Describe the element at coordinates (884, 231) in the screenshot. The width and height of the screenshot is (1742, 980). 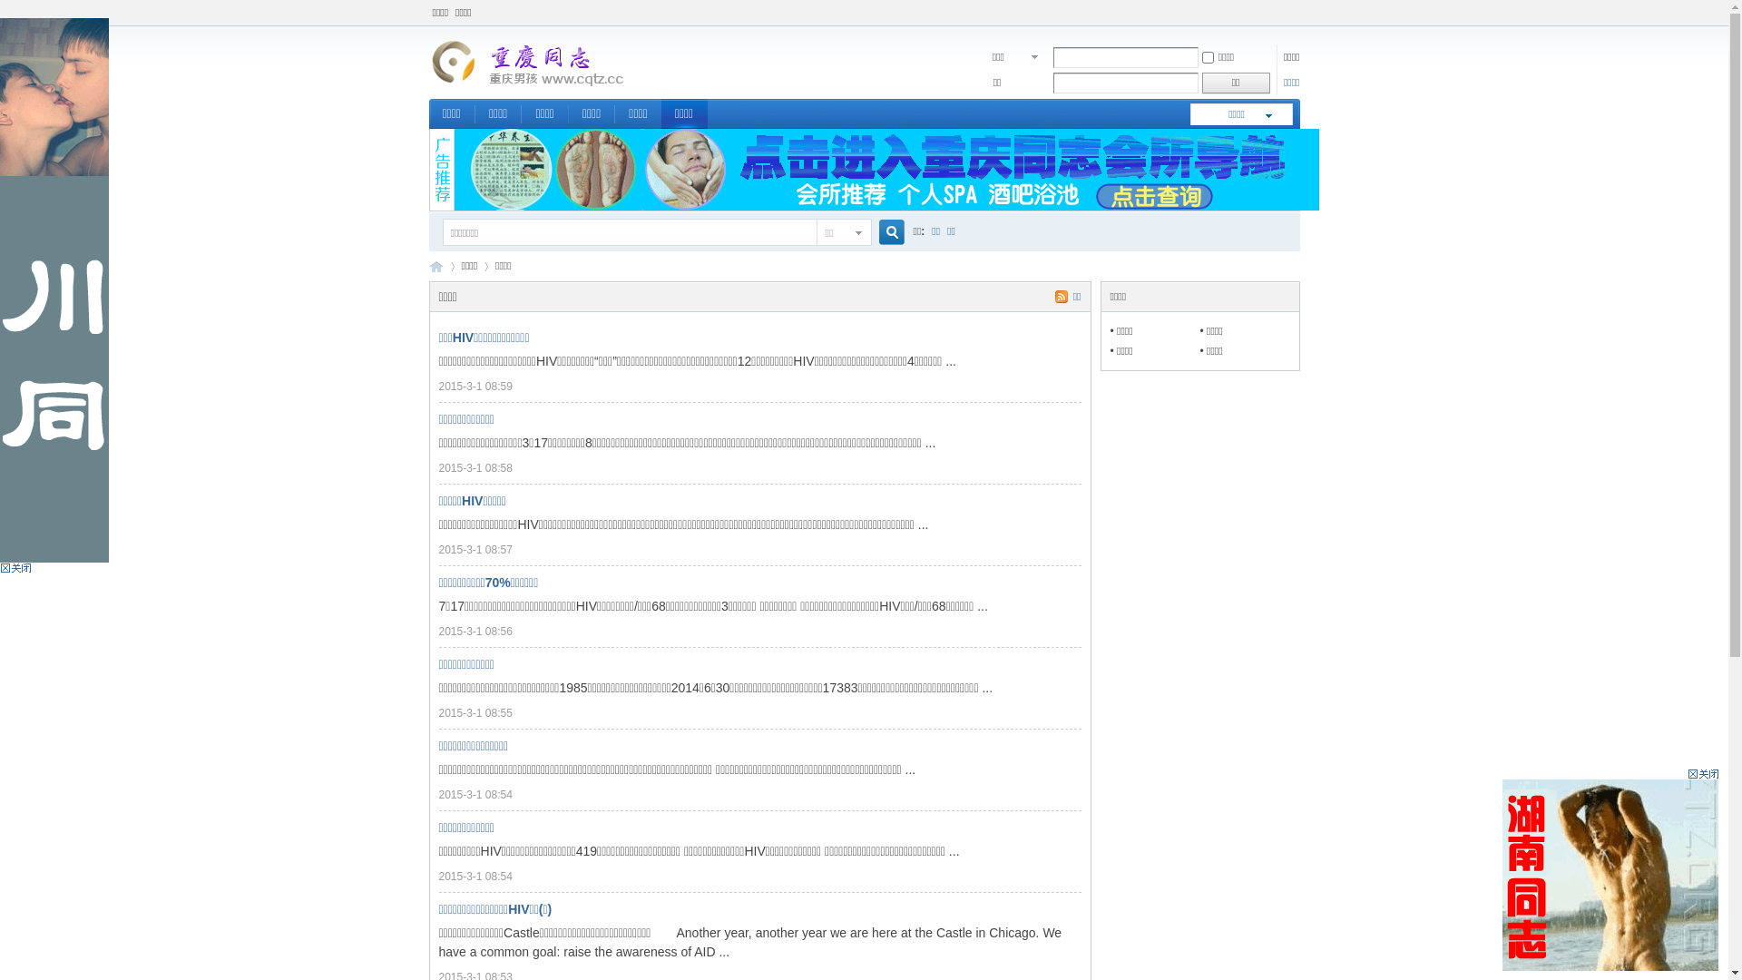
I see `'true'` at that location.